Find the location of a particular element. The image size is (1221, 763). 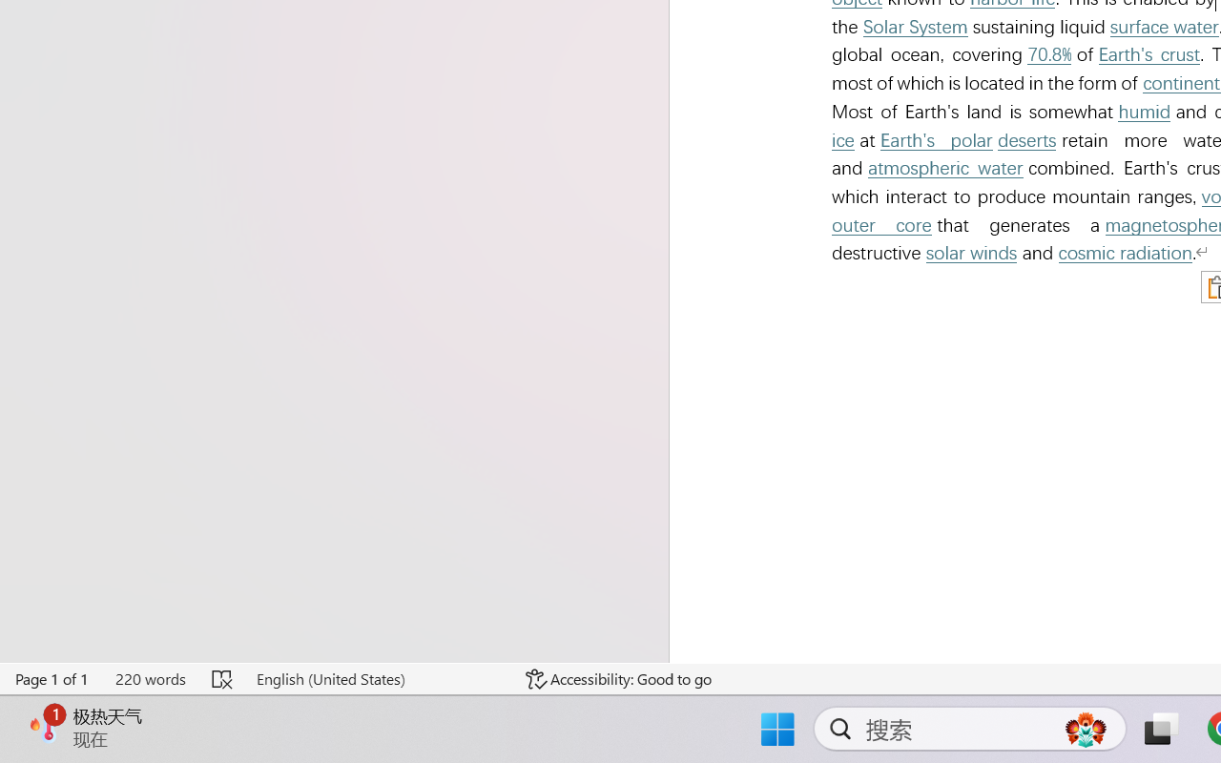

'Earth' is located at coordinates (936, 140).